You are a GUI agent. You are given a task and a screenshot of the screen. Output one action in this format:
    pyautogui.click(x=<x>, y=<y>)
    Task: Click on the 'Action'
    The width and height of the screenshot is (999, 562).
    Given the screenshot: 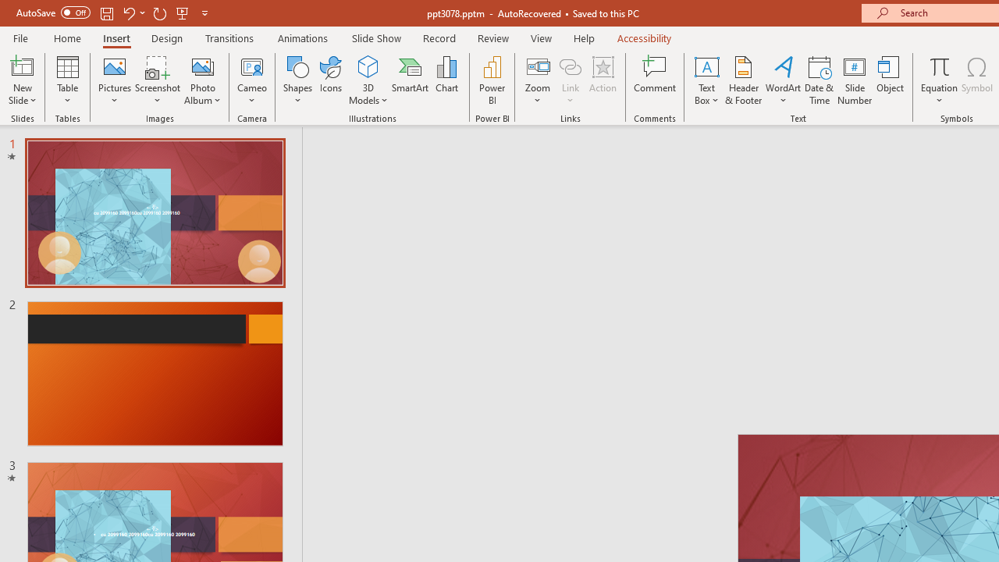 What is the action you would take?
    pyautogui.click(x=603, y=80)
    